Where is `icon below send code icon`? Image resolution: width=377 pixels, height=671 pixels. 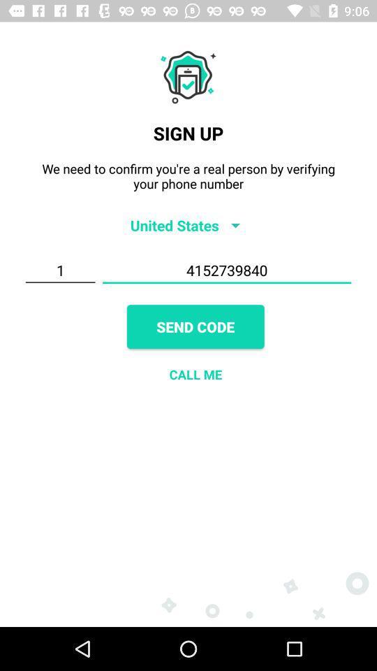 icon below send code icon is located at coordinates (195, 373).